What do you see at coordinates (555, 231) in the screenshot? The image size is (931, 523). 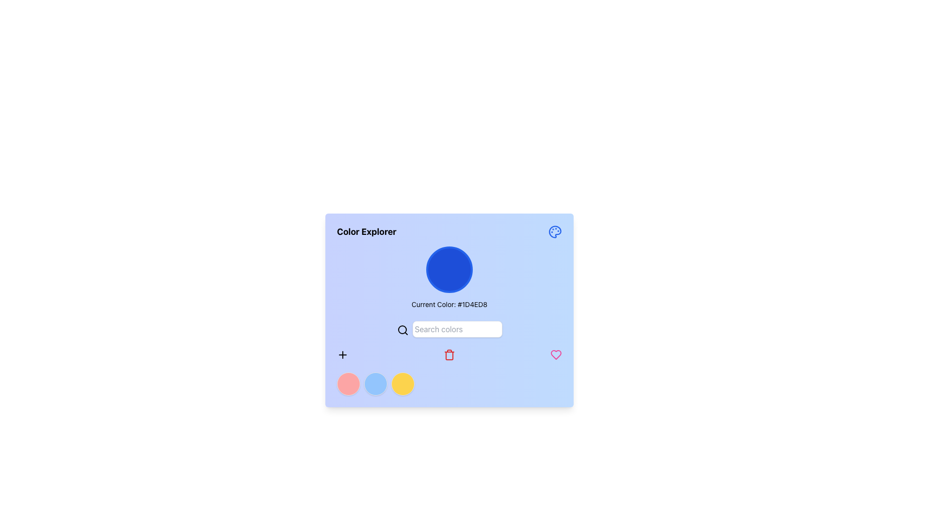 I see `the interactive icon located at the far right end of the header section inside the 'Color Explorer' pane` at bounding box center [555, 231].